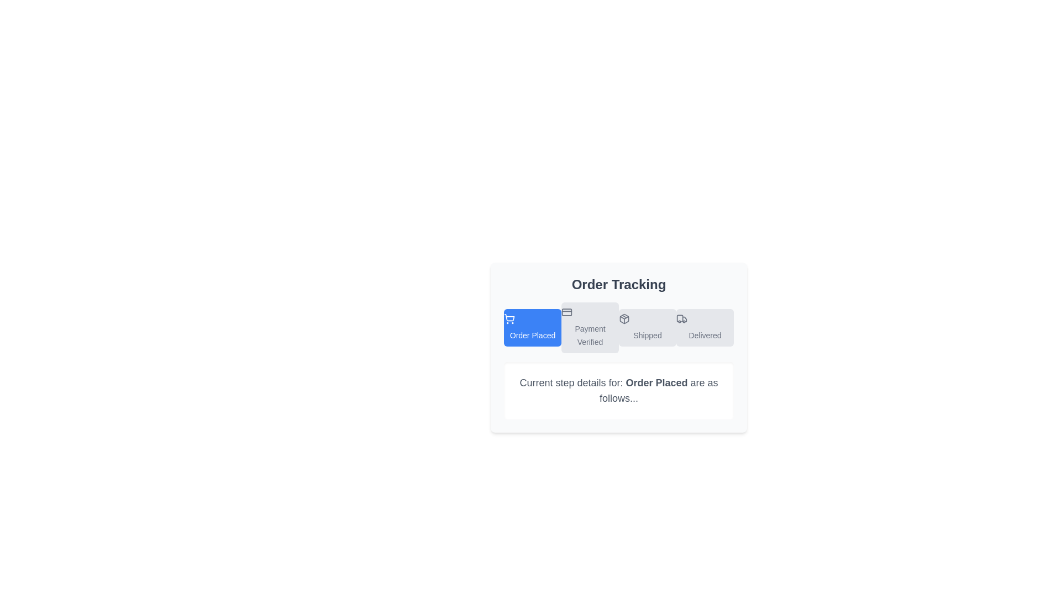  I want to click on the shopping cart icon within the 'Order Placed' tab, so click(508, 319).